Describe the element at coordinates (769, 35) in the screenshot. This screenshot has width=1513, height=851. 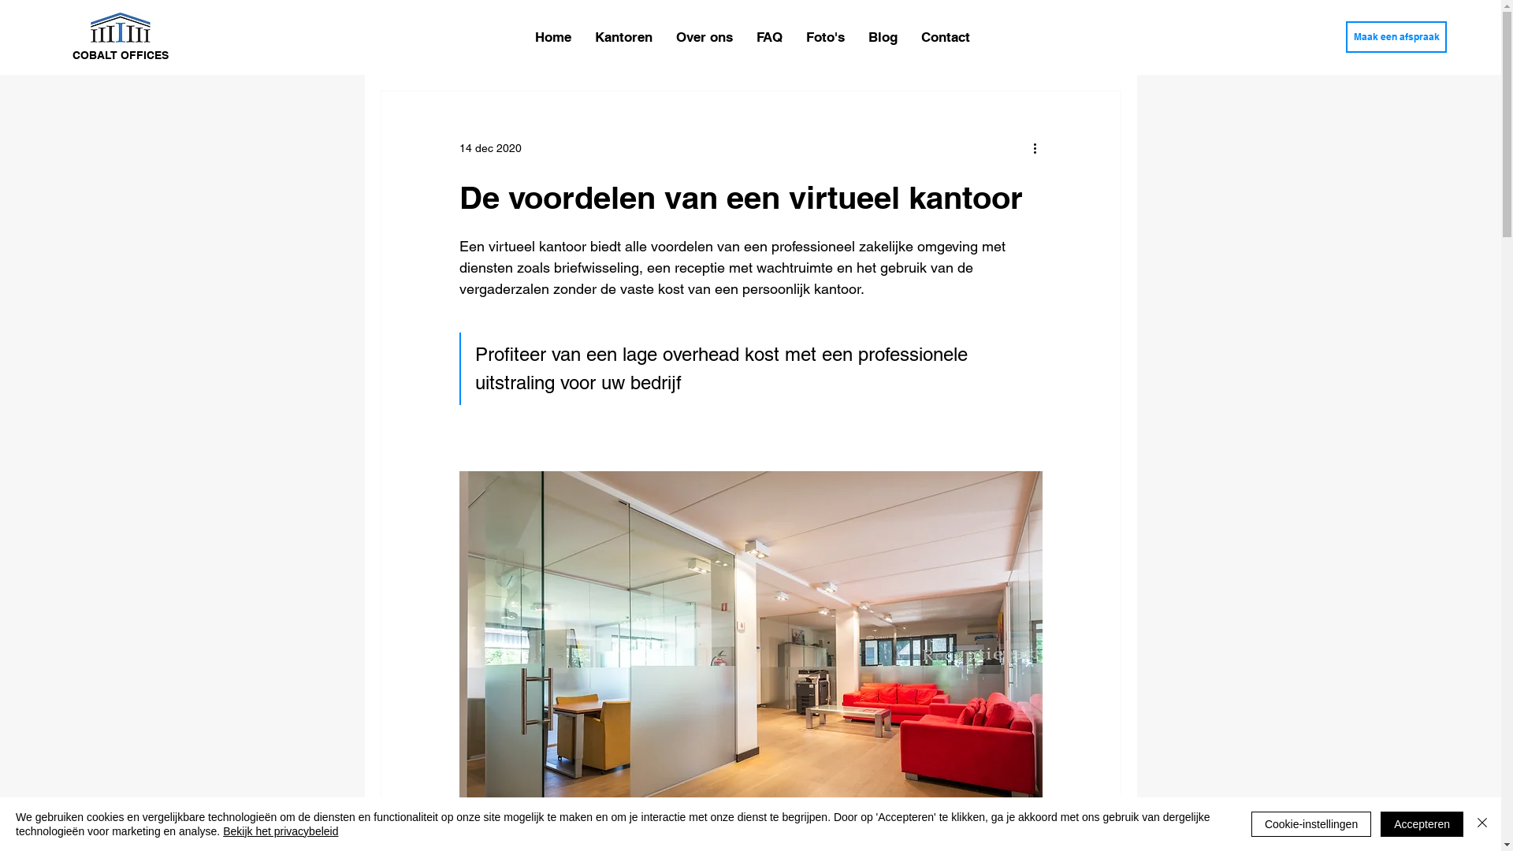
I see `'FAQ'` at that location.